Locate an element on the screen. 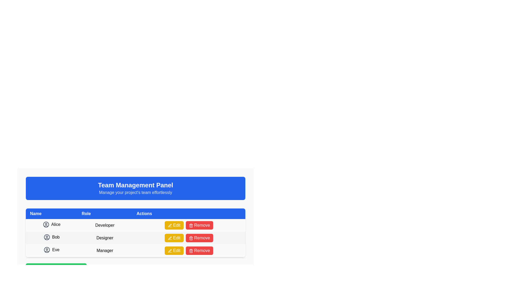 The height and width of the screenshot is (285, 506). the user profile icon located in the second row under the 'Name' column, adjacent to the text 'Bob' is located at coordinates (47, 237).